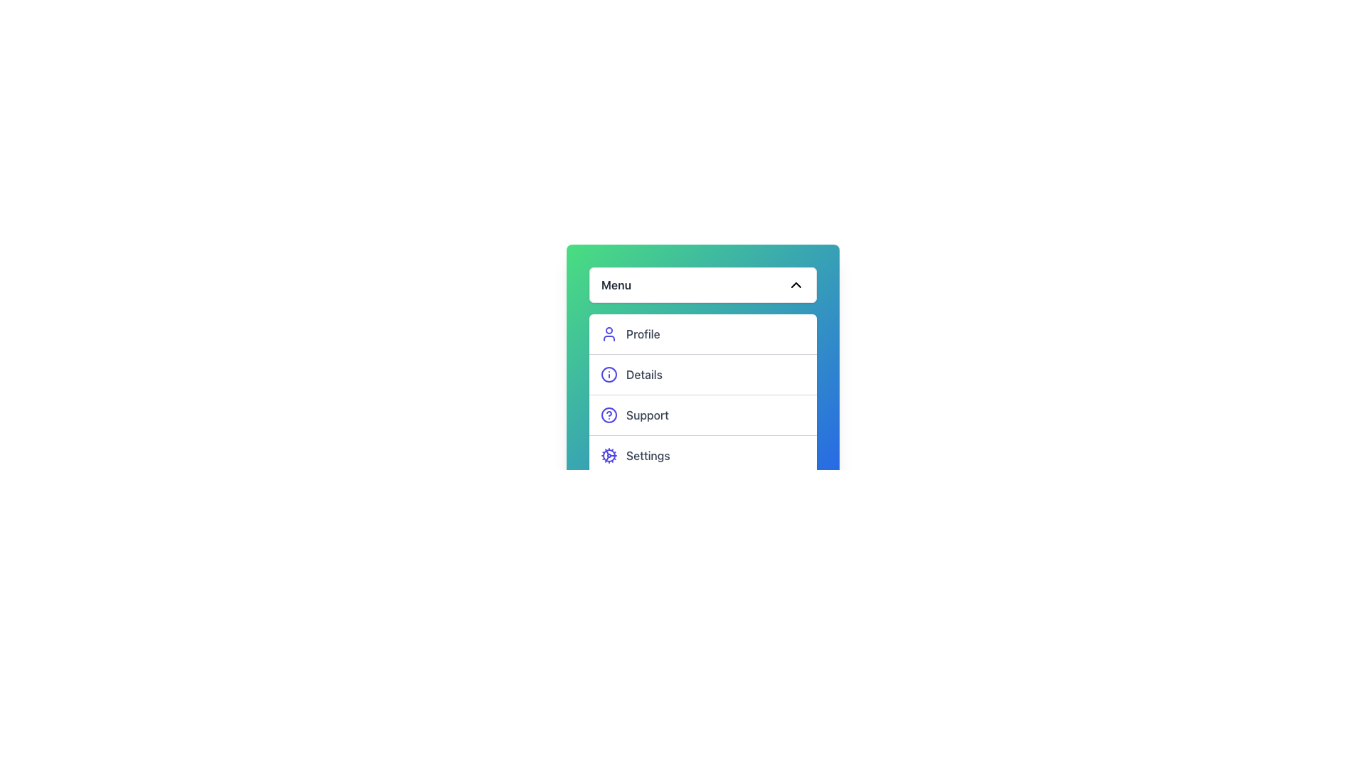 The image size is (1365, 768). I want to click on the settings icon located to the left of the 'Settings' text label in the settings menu, so click(609, 455).